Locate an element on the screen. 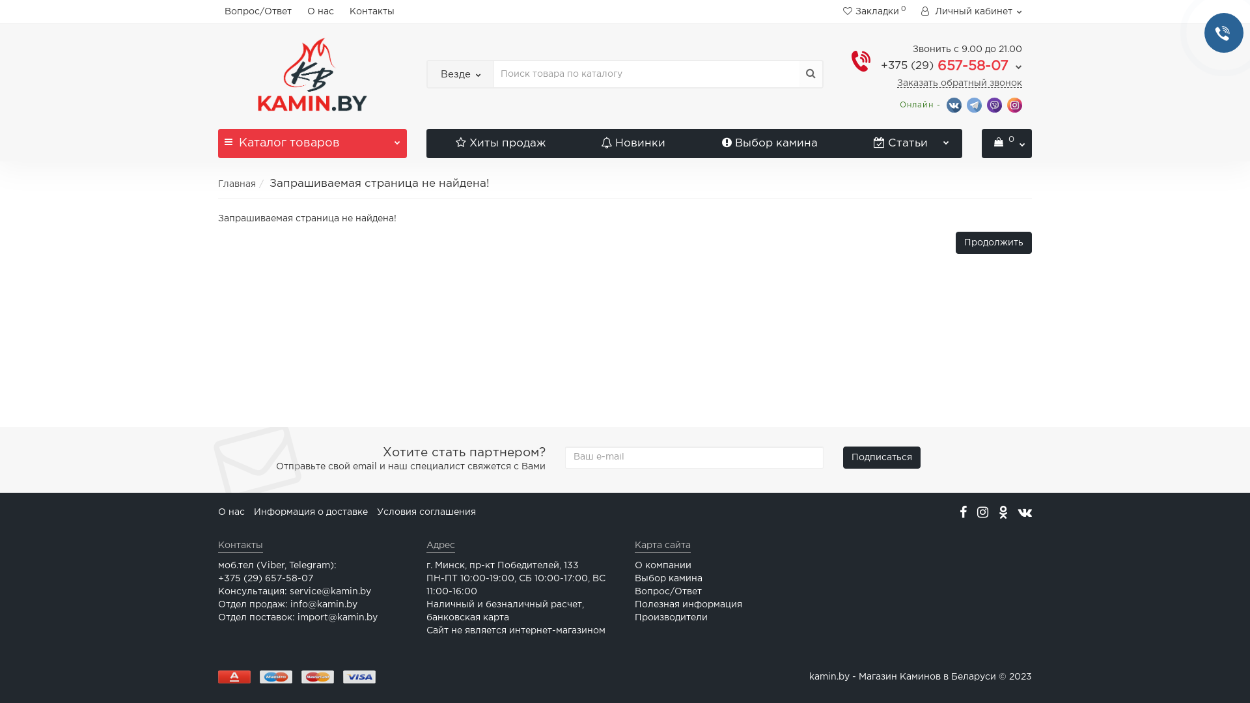  '+375 (29) 657-58-07' is located at coordinates (881, 65).